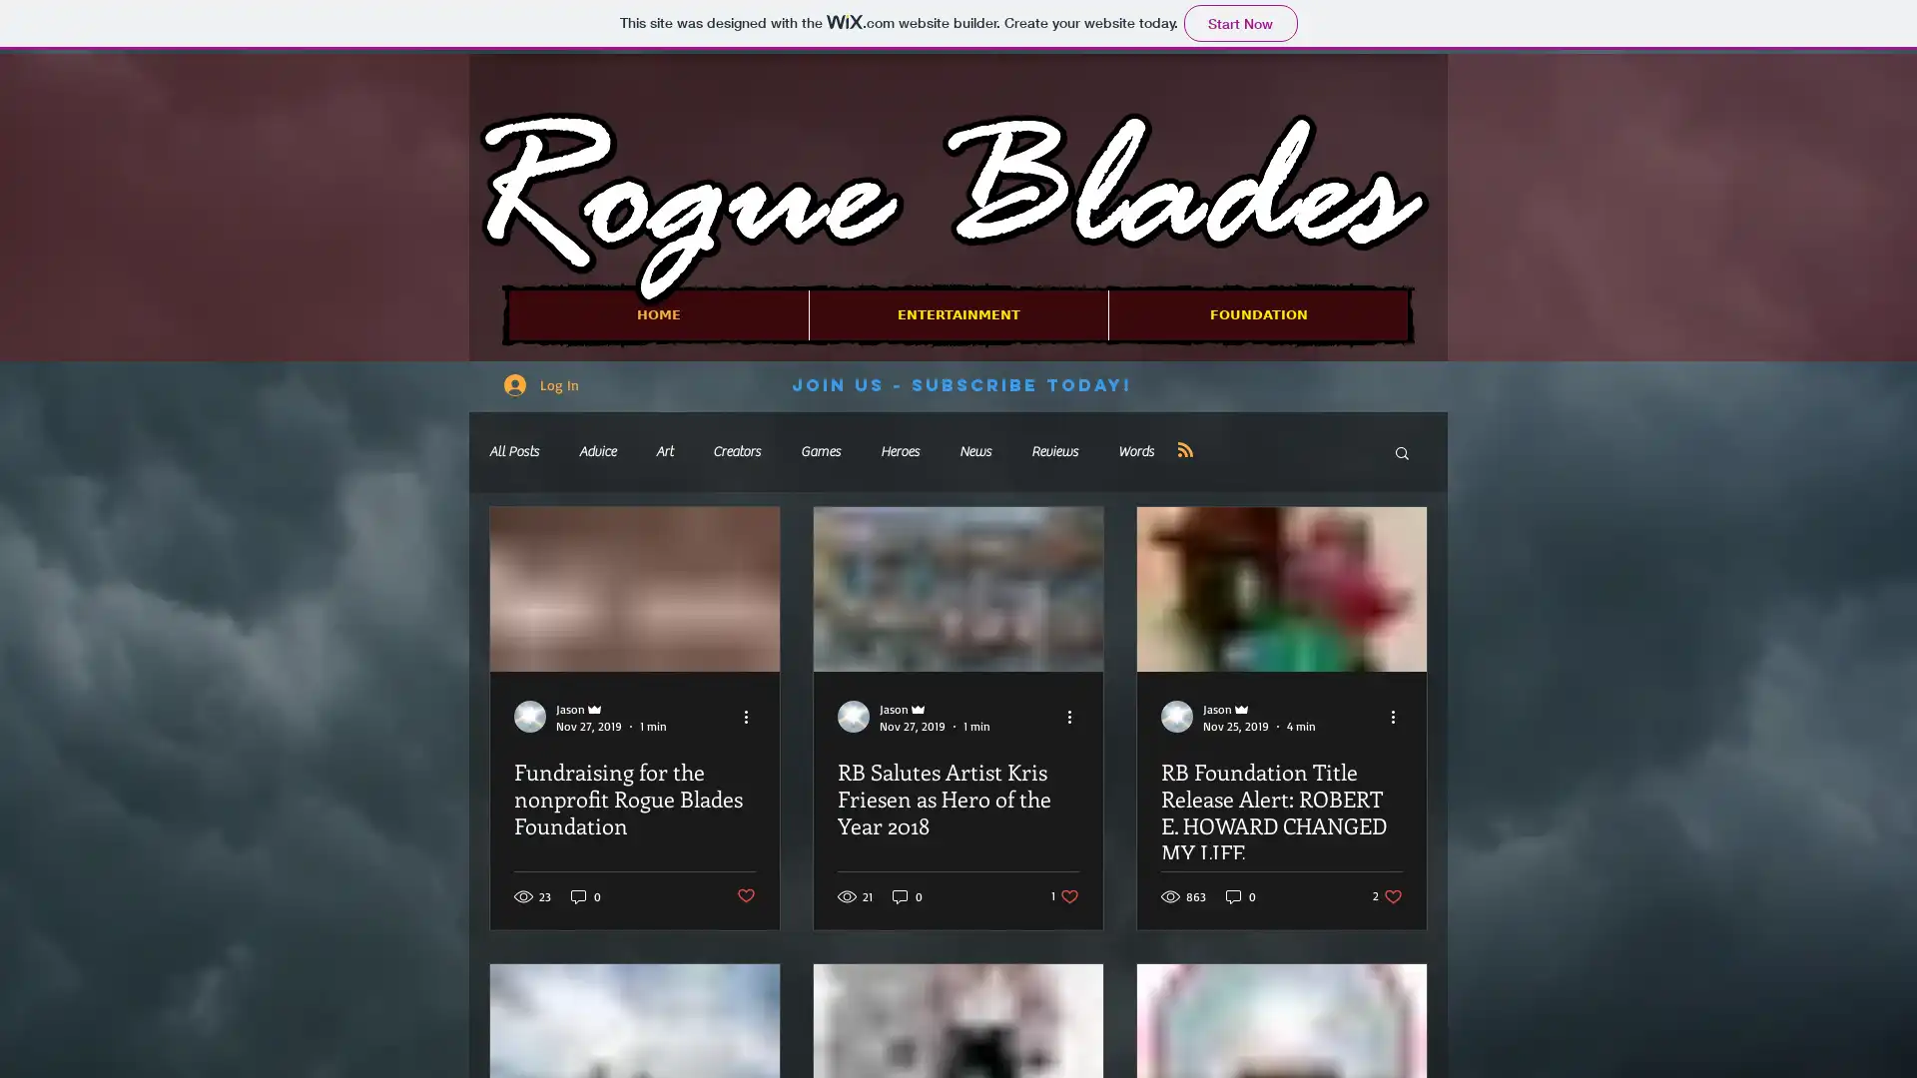 The image size is (1917, 1078). What do you see at coordinates (975, 451) in the screenshot?
I see `News` at bounding box center [975, 451].